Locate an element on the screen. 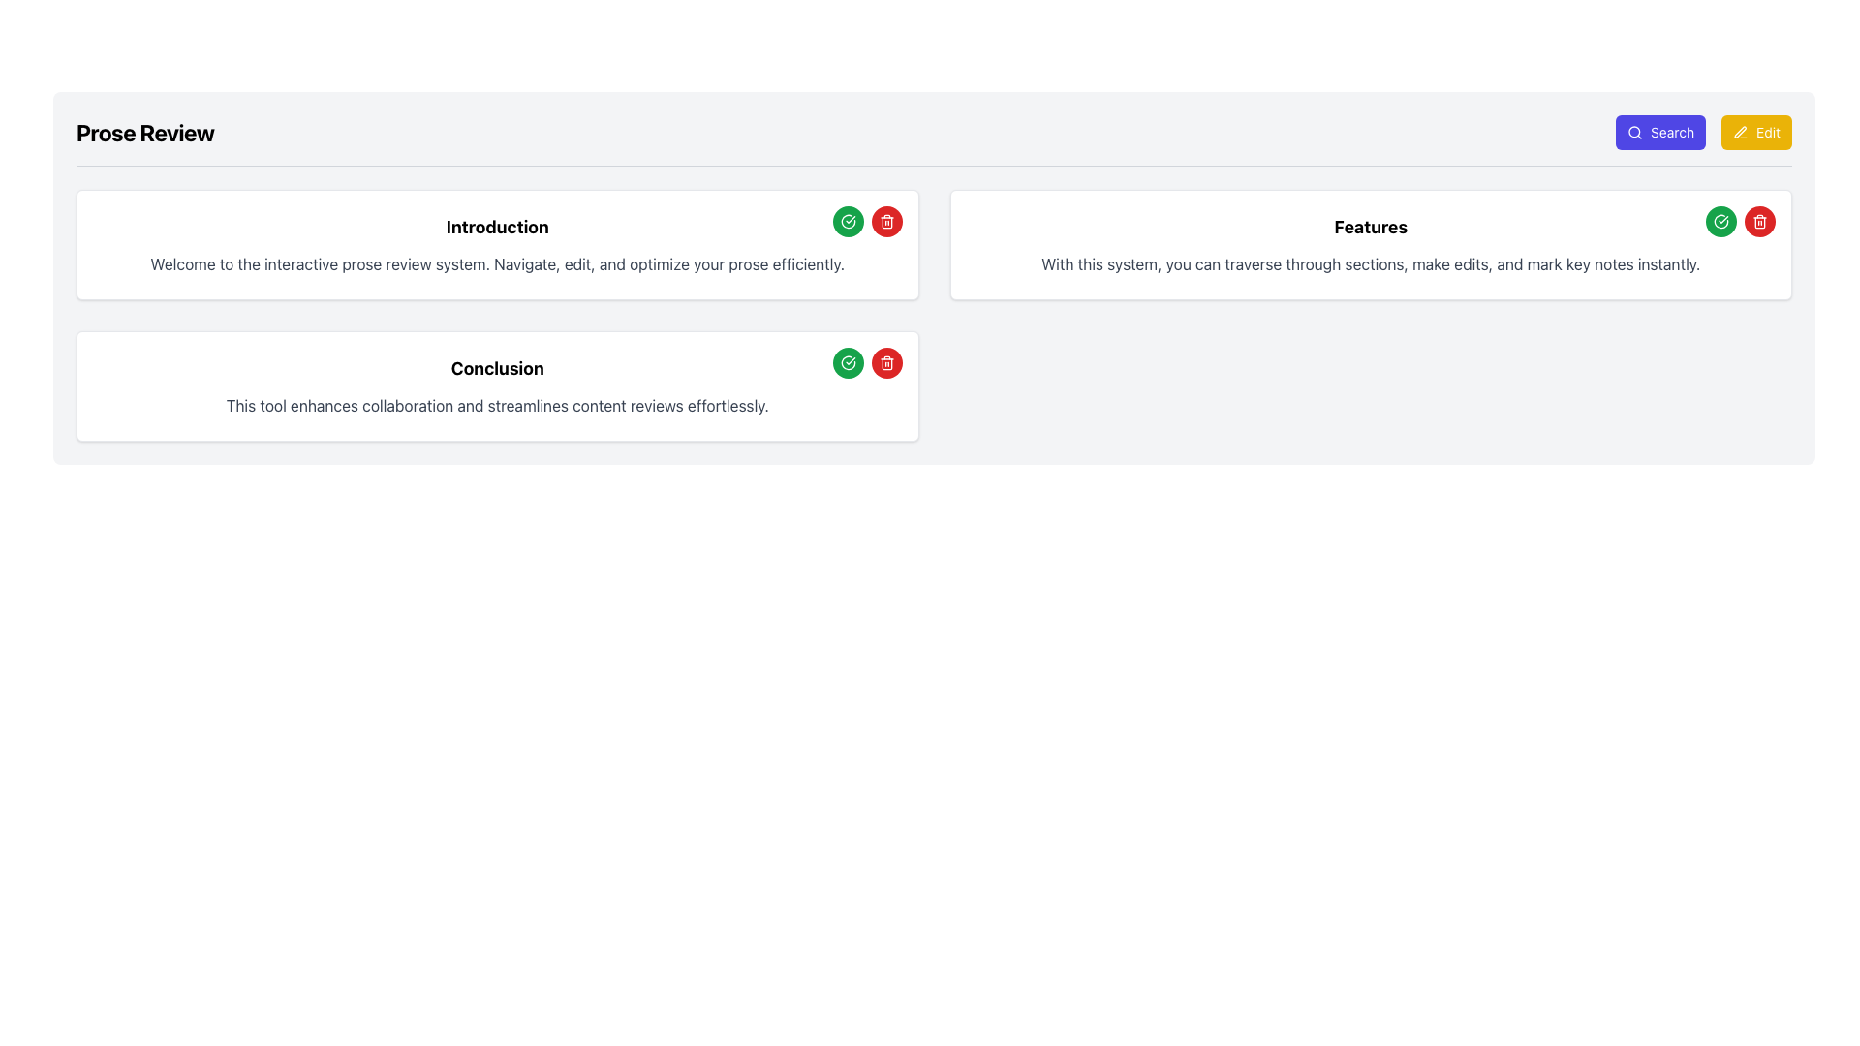 The width and height of the screenshot is (1860, 1046). the decorative circle element of the search icon located in the top-right area of the interface is located at coordinates (1633, 131).